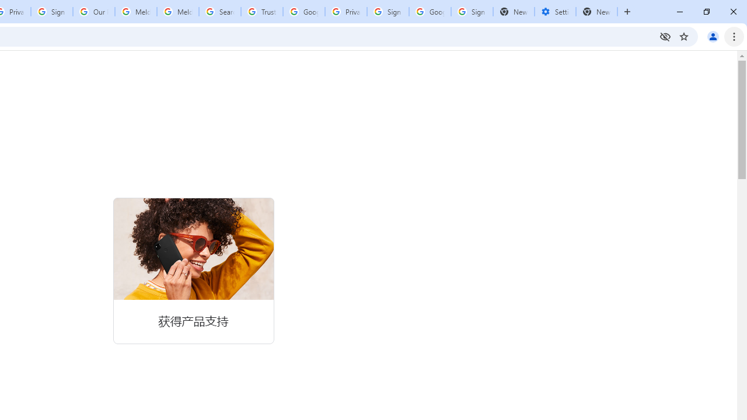  I want to click on 'Chrome', so click(735, 36).